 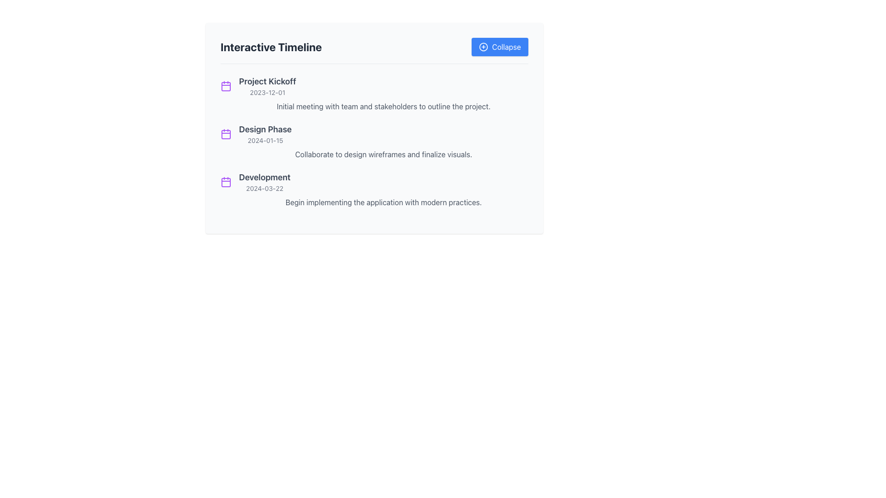 What do you see at coordinates (374, 94) in the screenshot?
I see `the Timeline Entry titled 'Project Kickoff'` at bounding box center [374, 94].